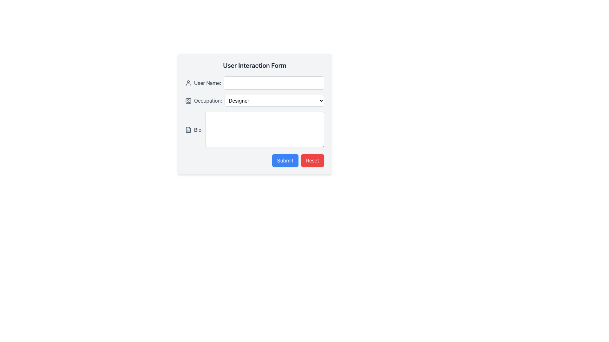 This screenshot has width=609, height=342. Describe the element at coordinates (254, 100) in the screenshot. I see `the dropdown menu for occupation selection located in the second row of the user form` at that location.